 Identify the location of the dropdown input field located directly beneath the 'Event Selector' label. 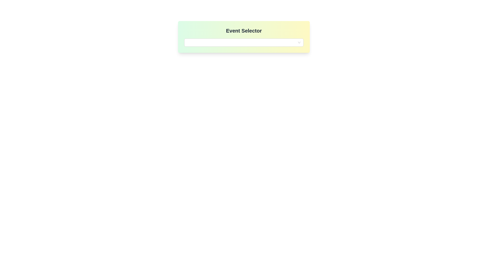
(244, 42).